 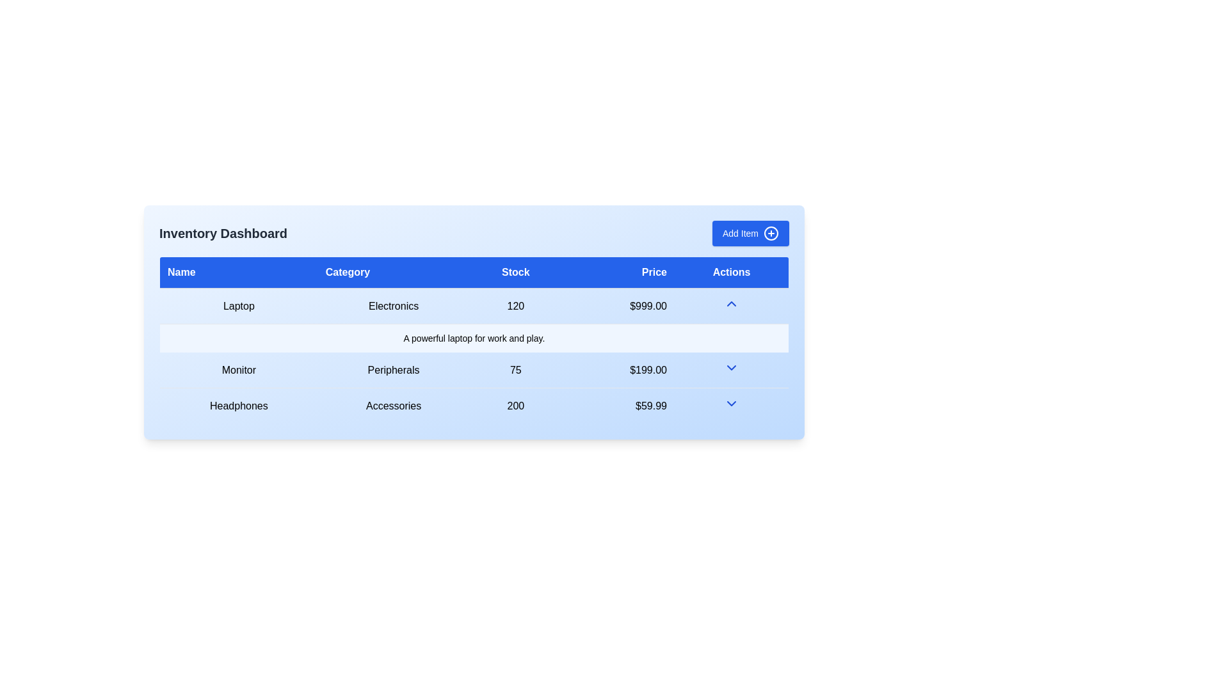 What do you see at coordinates (473, 370) in the screenshot?
I see `to select the second row` at bounding box center [473, 370].